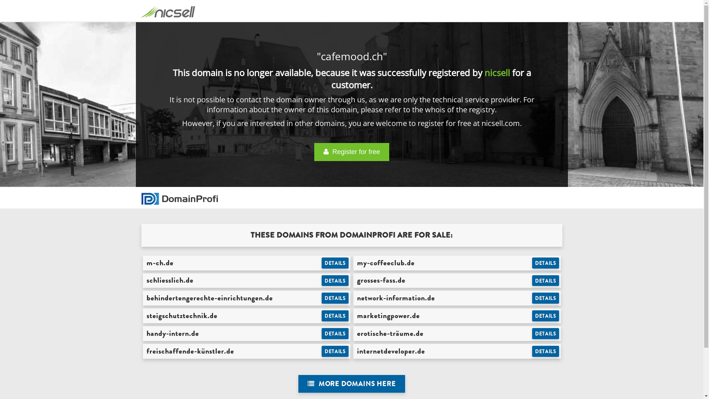 The width and height of the screenshot is (709, 399). I want to click on 'DETAILS', so click(335, 280).